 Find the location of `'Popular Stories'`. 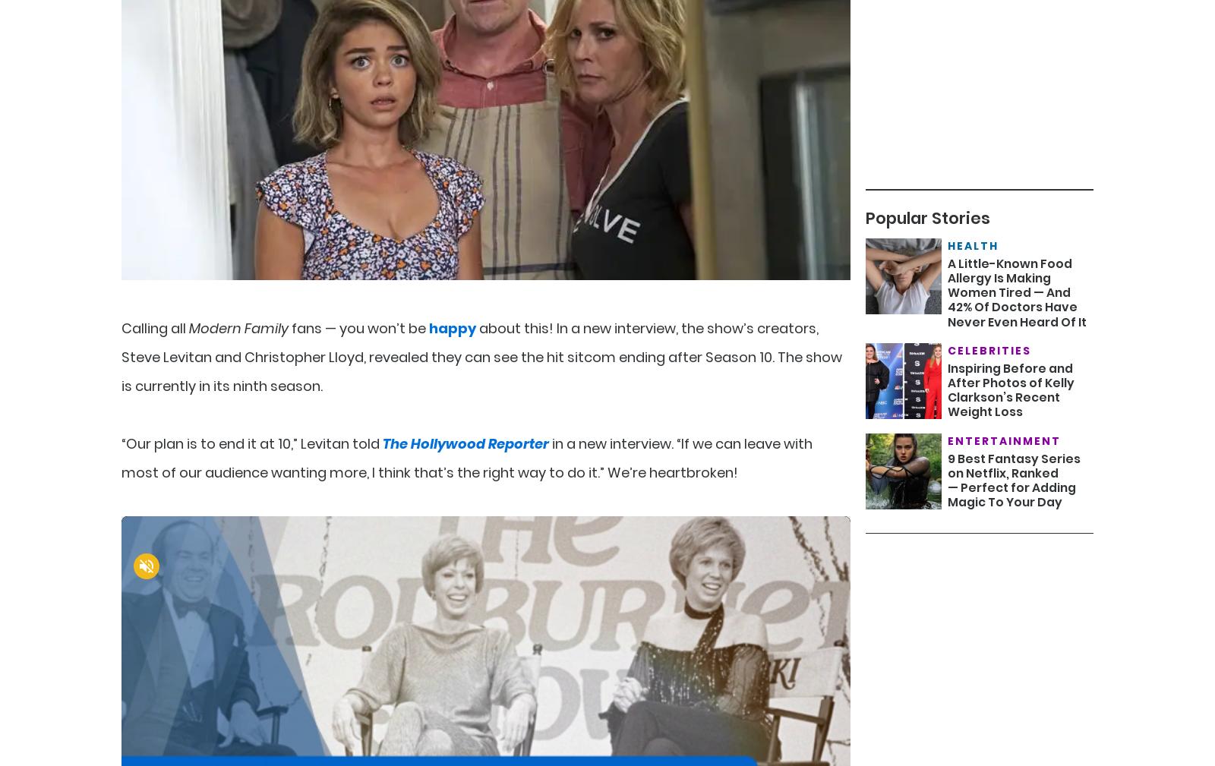

'Popular Stories' is located at coordinates (926, 217).